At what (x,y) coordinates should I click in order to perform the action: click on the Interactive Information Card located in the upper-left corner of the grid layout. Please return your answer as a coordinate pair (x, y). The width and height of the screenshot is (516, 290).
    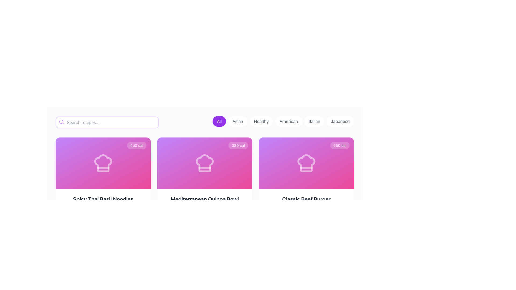
    Looking at the image, I should click on (103, 183).